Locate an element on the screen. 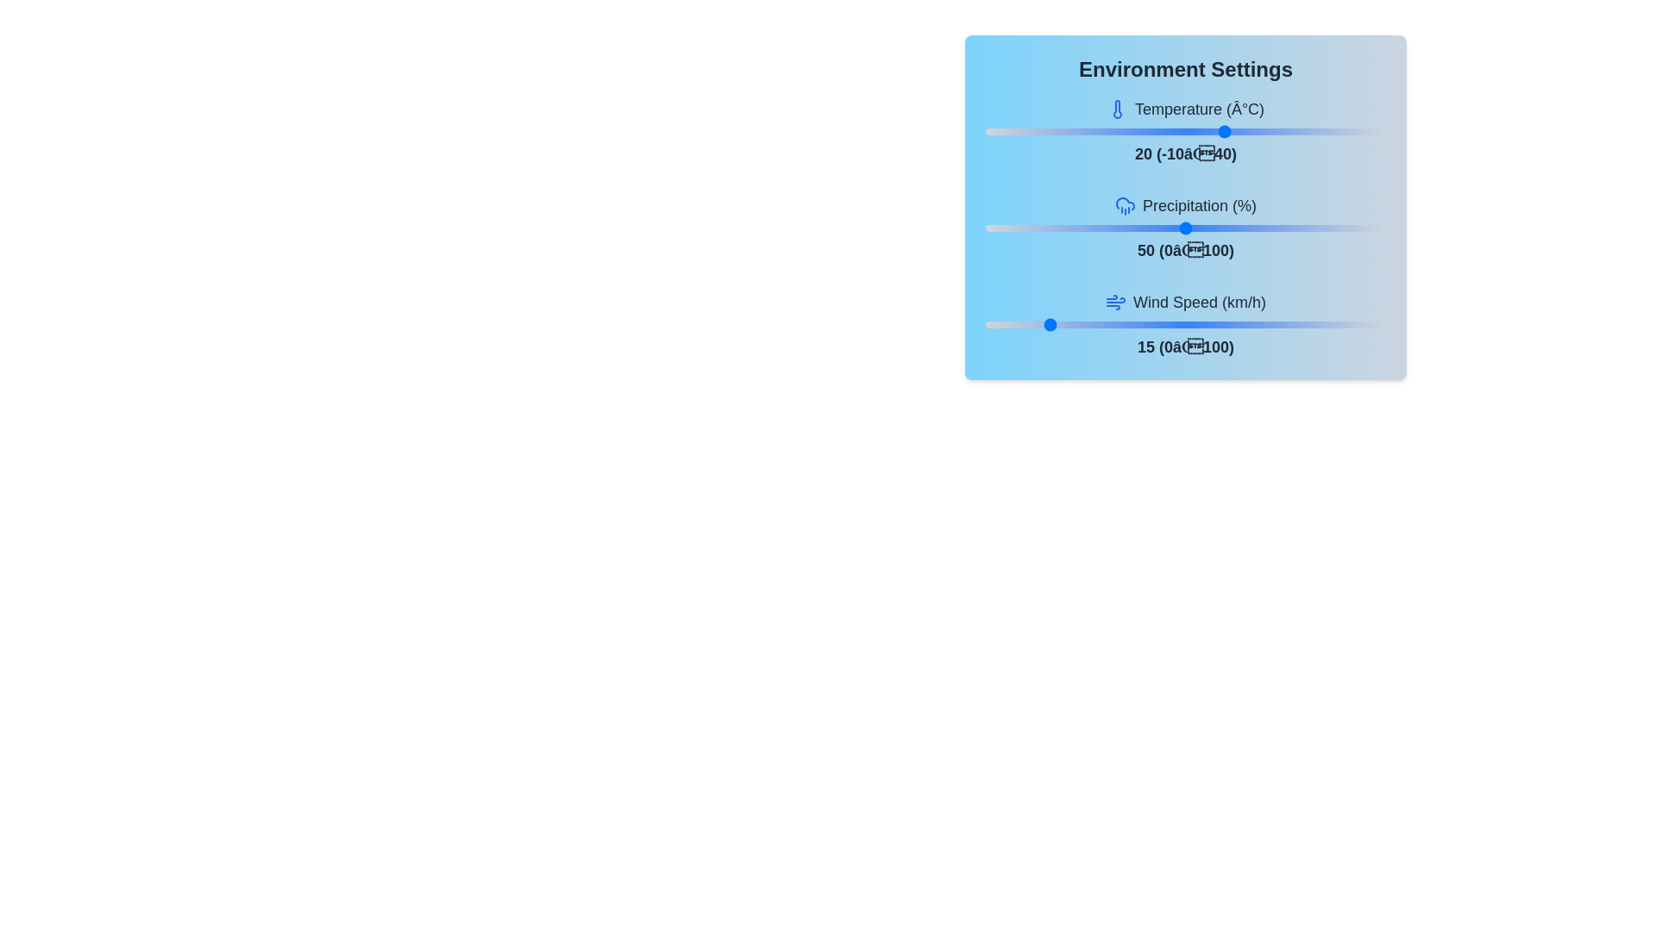 The height and width of the screenshot is (931, 1656). the Decorative icon representing precipitation, which is located to the left of the 'Precipitation (%)' text in the 'Environment Settings' section is located at coordinates (1126, 203).